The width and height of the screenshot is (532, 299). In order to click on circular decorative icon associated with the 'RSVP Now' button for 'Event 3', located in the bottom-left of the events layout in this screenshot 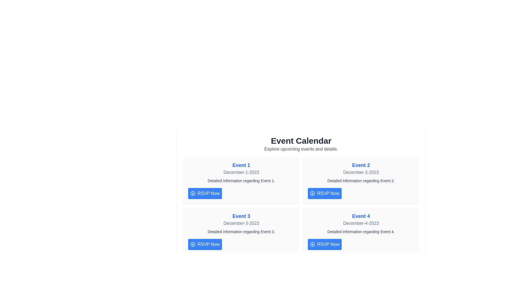, I will do `click(193, 244)`.